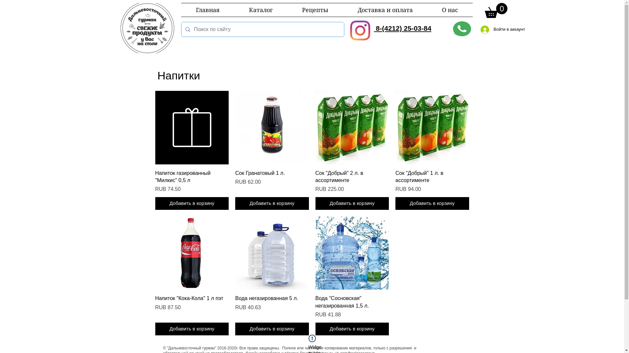  What do you see at coordinates (496, 10) in the screenshot?
I see `'0'` at bounding box center [496, 10].